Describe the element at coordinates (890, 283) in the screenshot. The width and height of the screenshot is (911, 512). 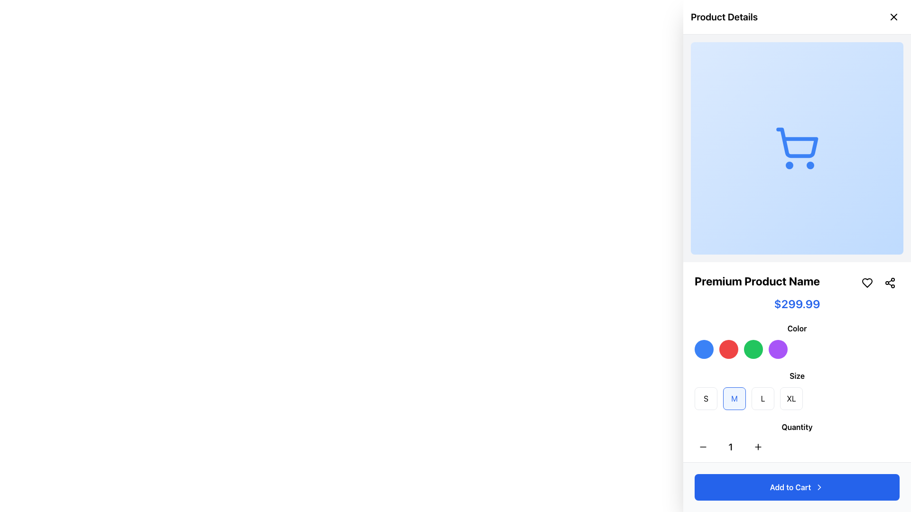
I see `the share button located at the top-right corner of the product details card, right of the heart icon, to share the product details` at that location.